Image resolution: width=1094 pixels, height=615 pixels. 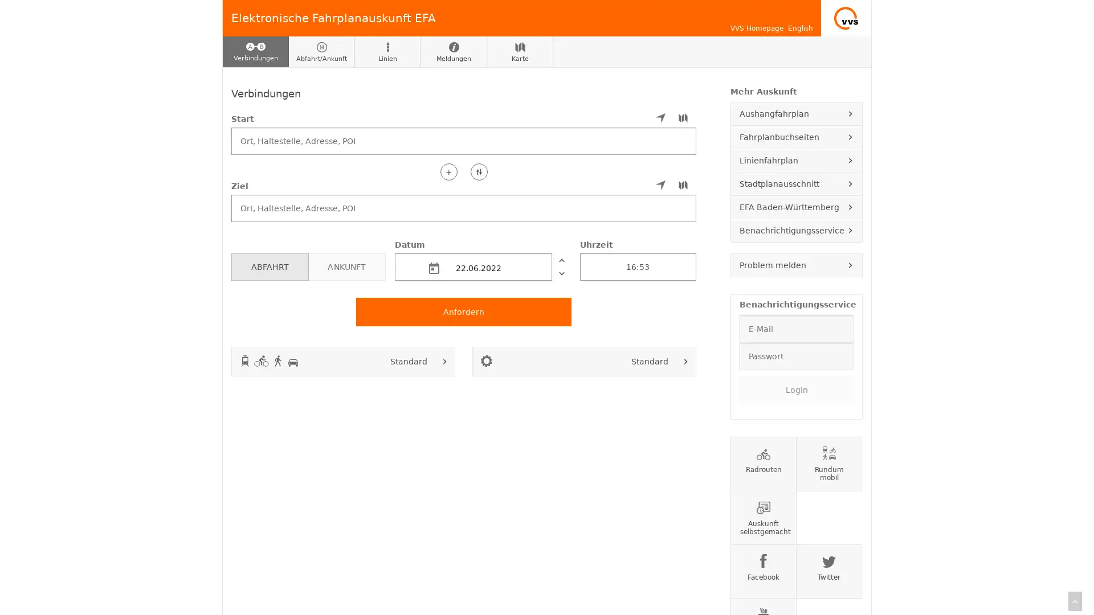 I want to click on nachher, so click(x=561, y=273).